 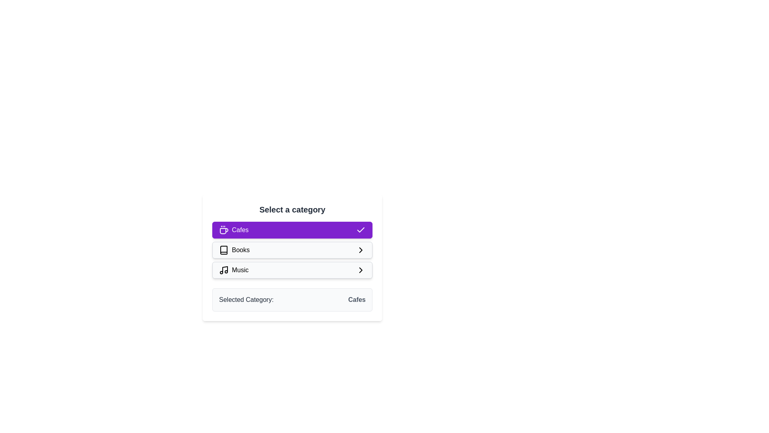 What do you see at coordinates (223, 250) in the screenshot?
I see `the 'Books' category icon in the 'Select a category' section, which is visually represented as an SVG icon to the left of the text label 'Books'` at bounding box center [223, 250].